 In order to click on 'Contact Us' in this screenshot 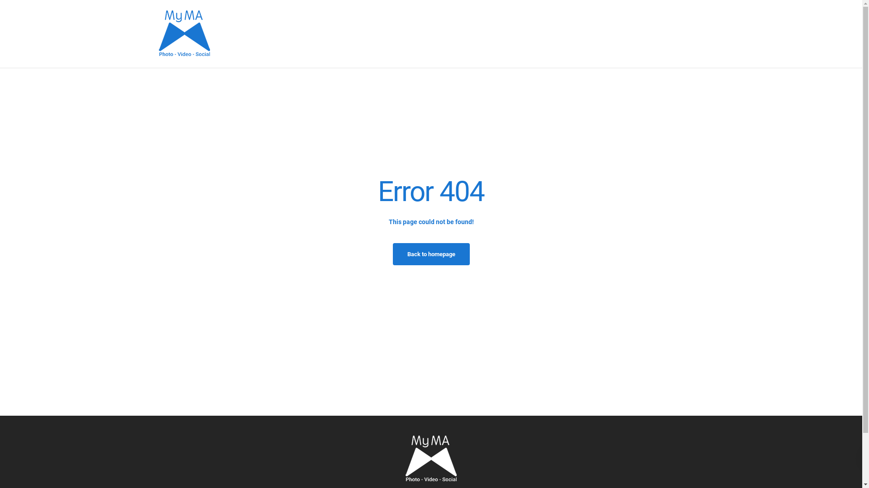, I will do `click(689, 33)`.